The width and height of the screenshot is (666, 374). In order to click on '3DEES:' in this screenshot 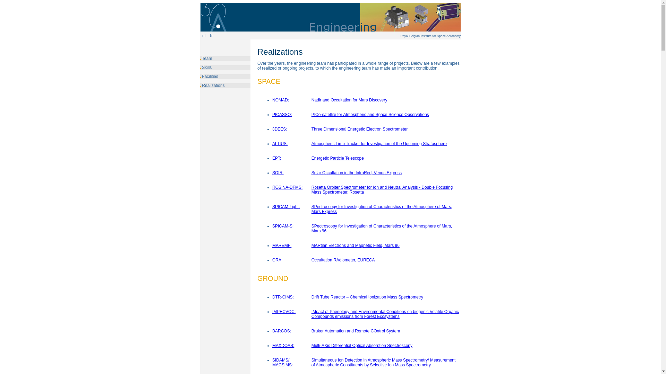, I will do `click(272, 129)`.